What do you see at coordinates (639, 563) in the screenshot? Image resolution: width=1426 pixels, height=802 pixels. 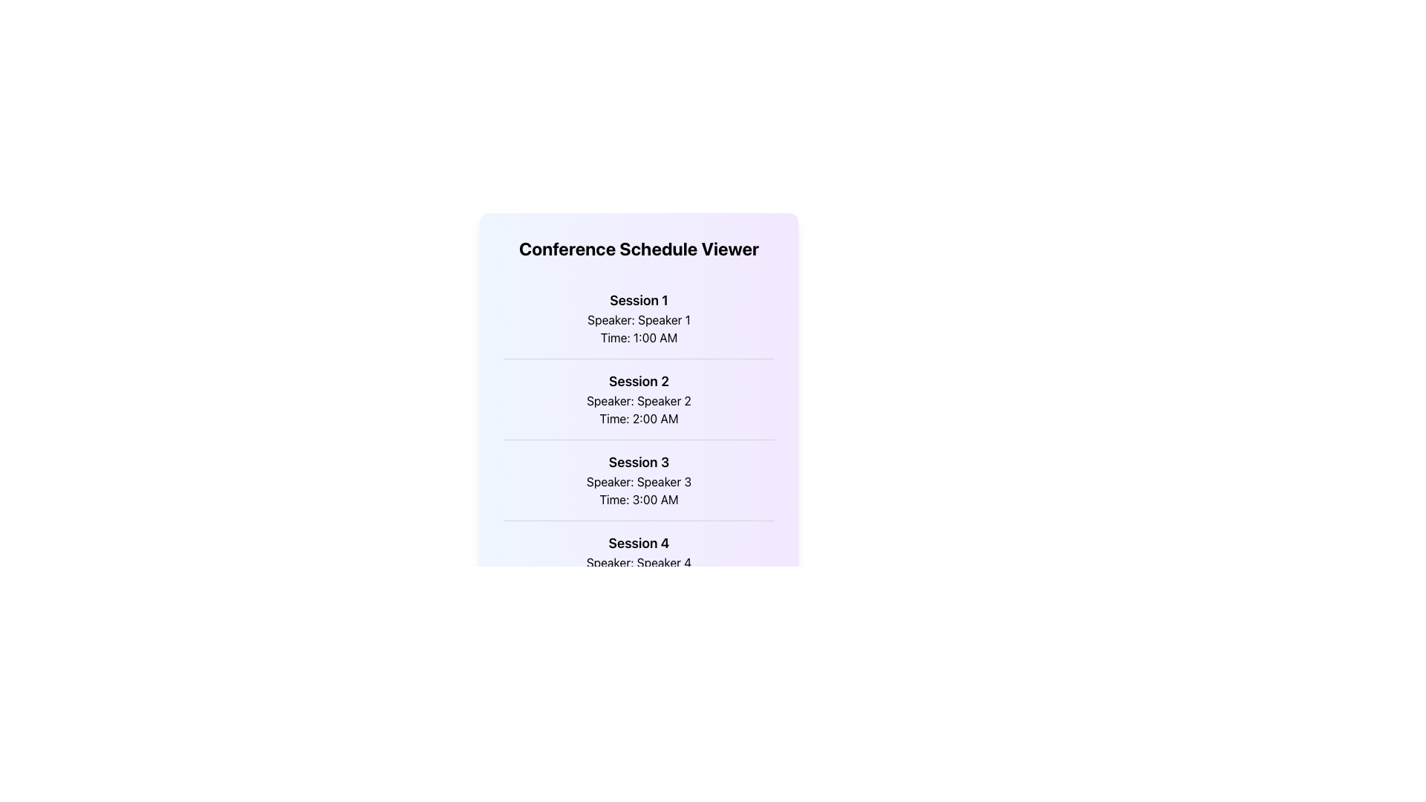 I see `text label that provides the name of the speaker for session 4 of the displayed schedule, positioned below the 'Session 4' heading and above the 'Time: 4:00 AM' label` at bounding box center [639, 563].